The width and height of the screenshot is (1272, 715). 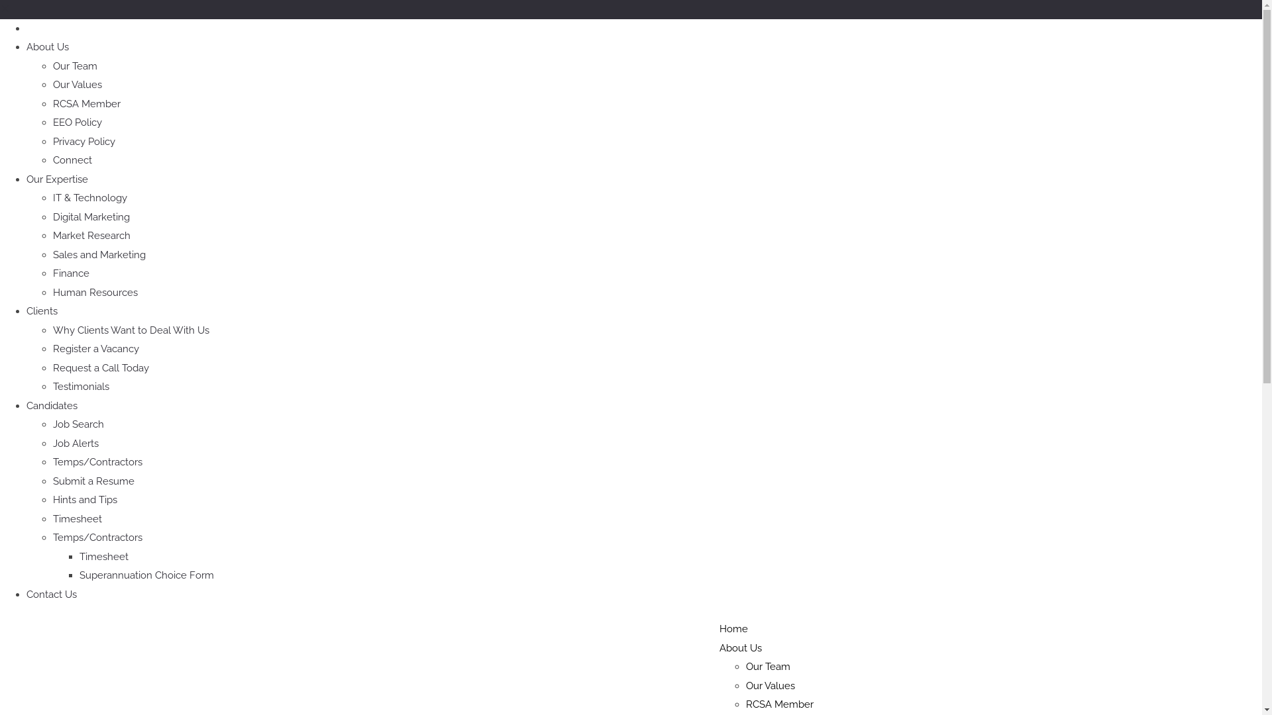 I want to click on 'Why Clients Want to Deal With Us', so click(x=131, y=329).